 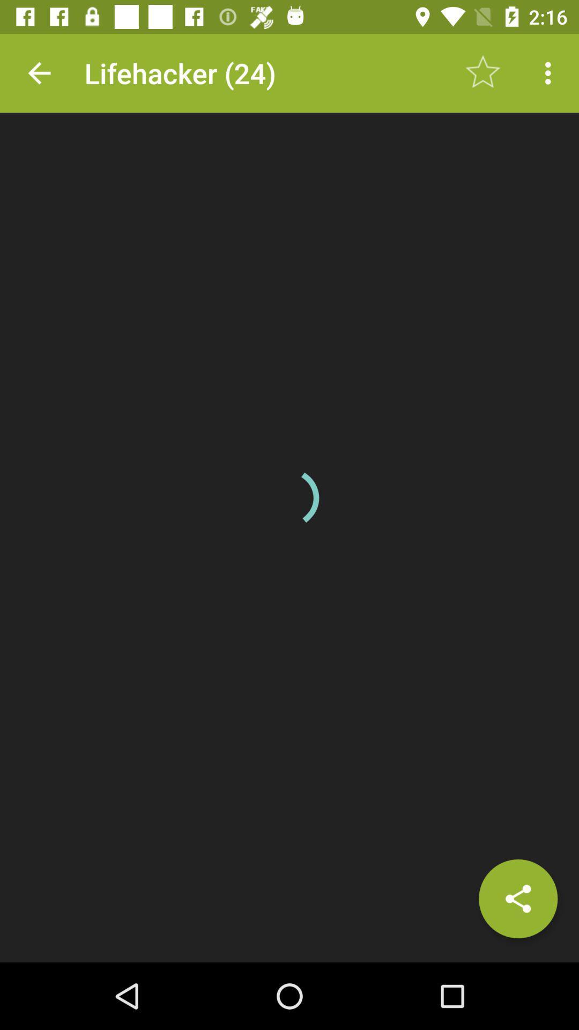 I want to click on the share icon, so click(x=517, y=899).